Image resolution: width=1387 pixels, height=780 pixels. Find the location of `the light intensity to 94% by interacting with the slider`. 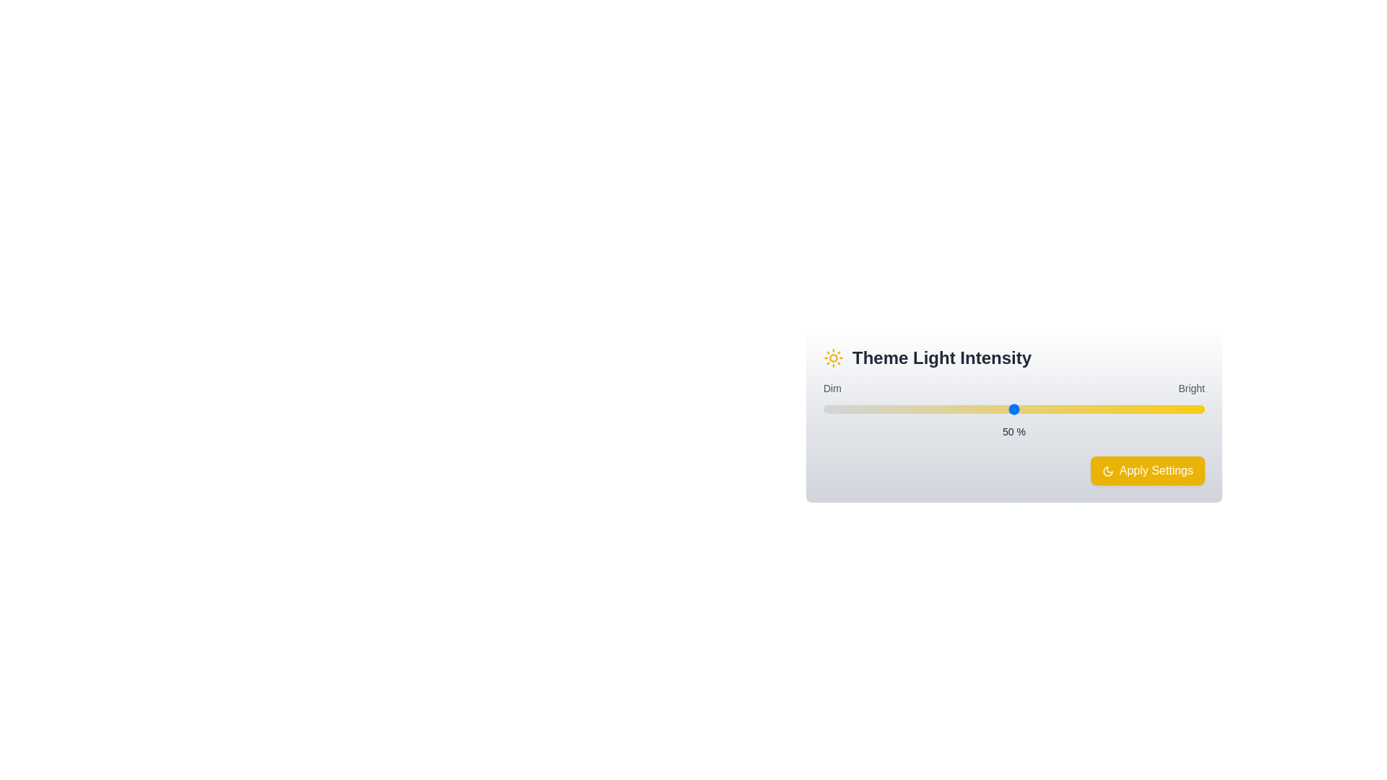

the light intensity to 94% by interacting with the slider is located at coordinates (1182, 409).